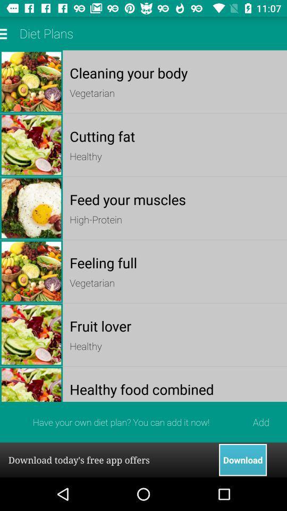 This screenshot has height=511, width=287. What do you see at coordinates (175, 72) in the screenshot?
I see `the cleaning your body icon` at bounding box center [175, 72].